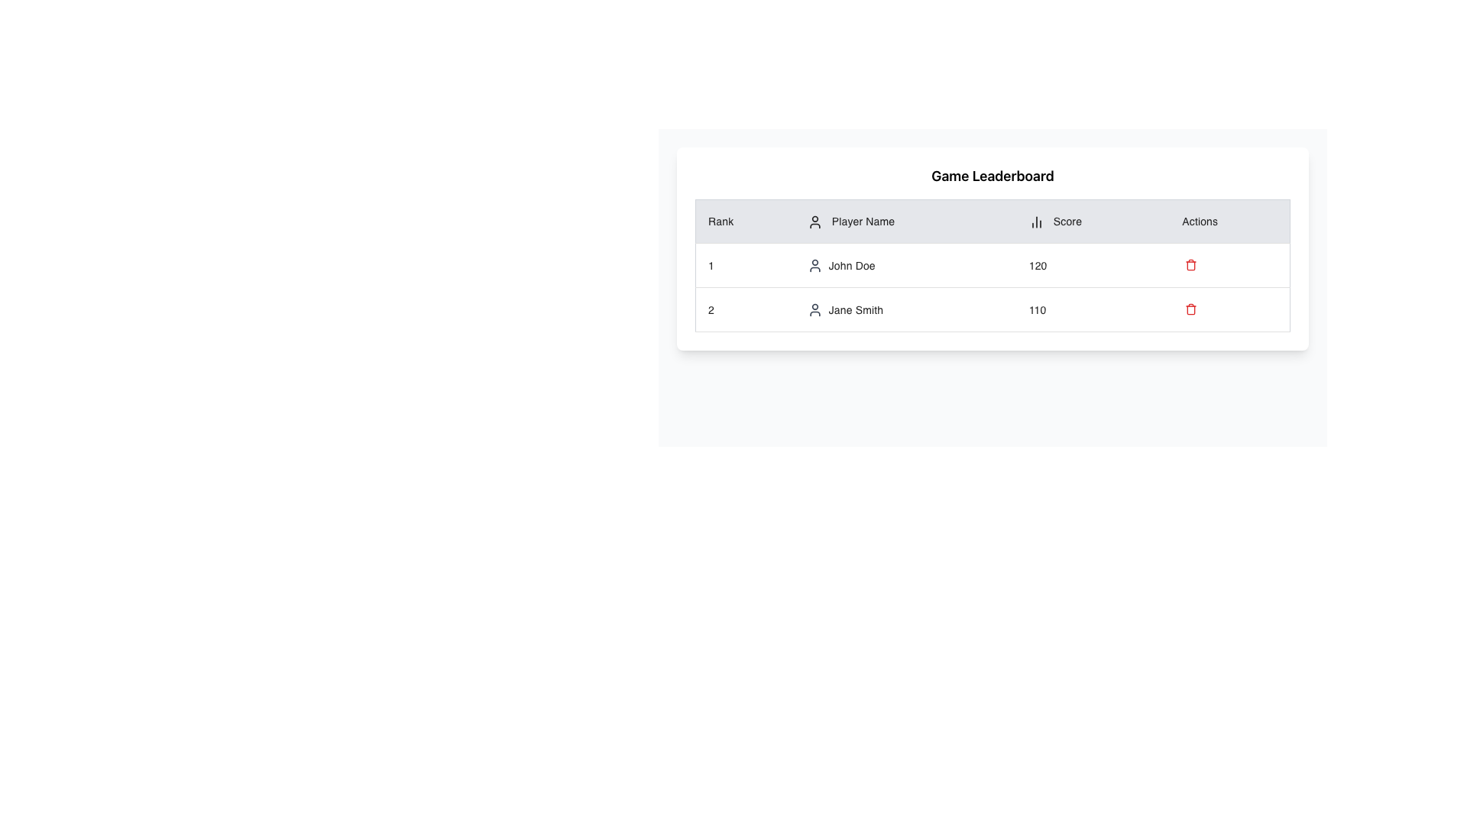  What do you see at coordinates (993, 176) in the screenshot?
I see `the 'Game Leaderboard' text header, which is styled with a larger, bold font and positioned above the leaderboard table` at bounding box center [993, 176].